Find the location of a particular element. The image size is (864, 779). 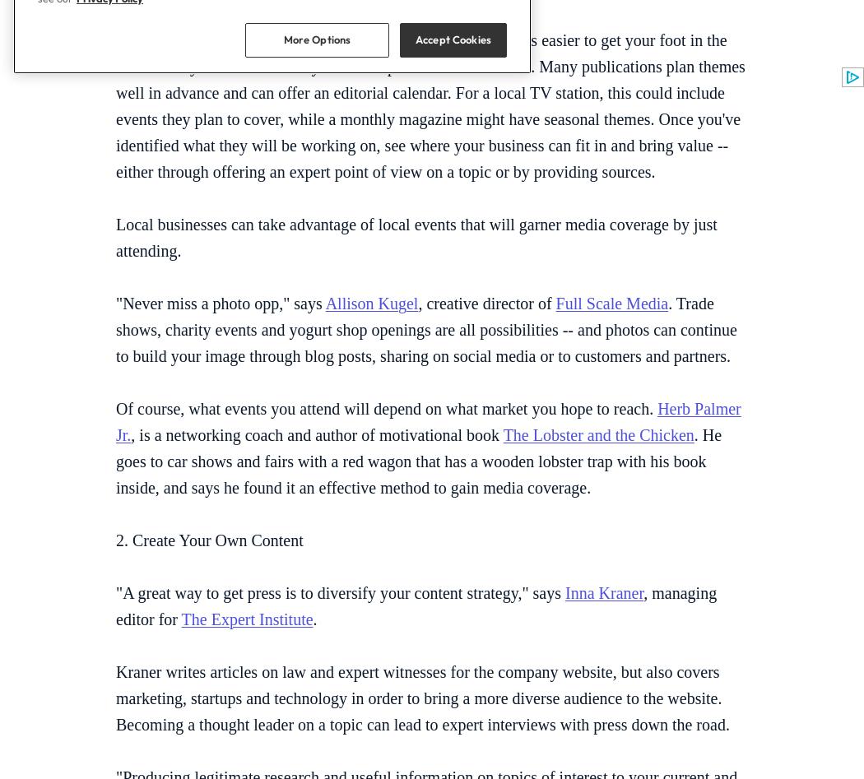

'Full Scale Media' is located at coordinates (611, 302).